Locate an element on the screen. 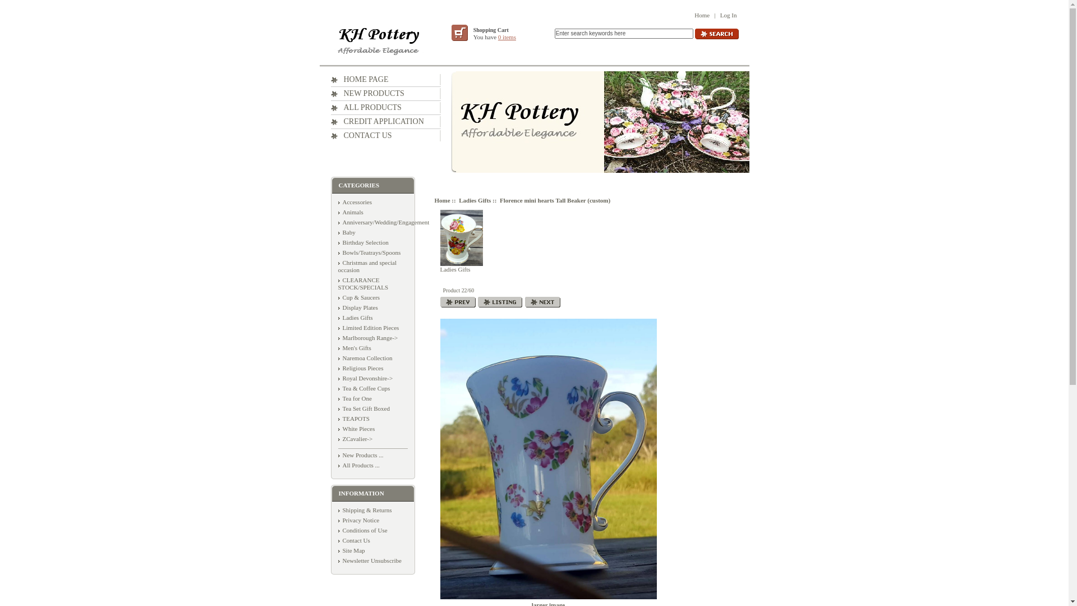 The width and height of the screenshot is (1077, 606). 'HOME PAGE' is located at coordinates (360, 79).